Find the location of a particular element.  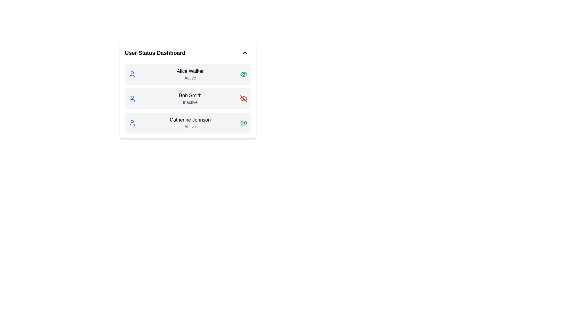

user name 'Alice Walker' displayed in the primary title text of the first item in the User Status Dashboard is located at coordinates (190, 71).